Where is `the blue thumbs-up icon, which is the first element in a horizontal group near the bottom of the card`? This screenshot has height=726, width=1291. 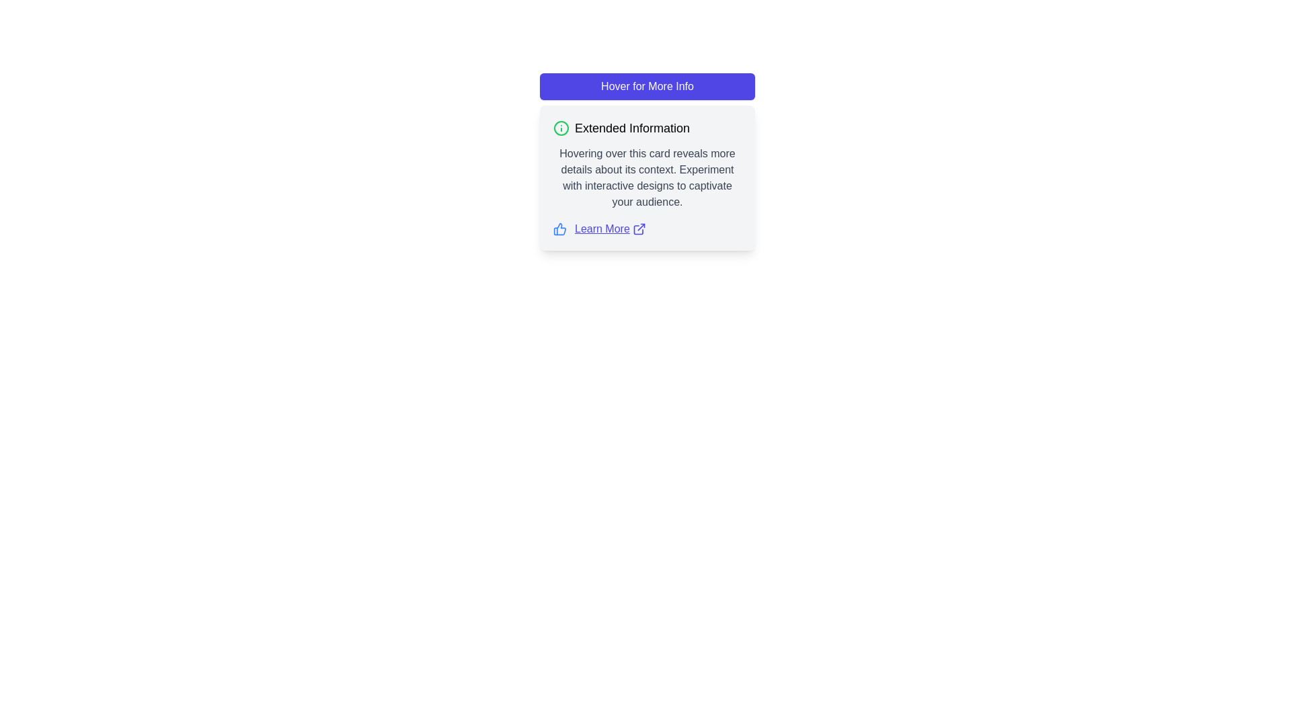 the blue thumbs-up icon, which is the first element in a horizontal group near the bottom of the card is located at coordinates (560, 228).